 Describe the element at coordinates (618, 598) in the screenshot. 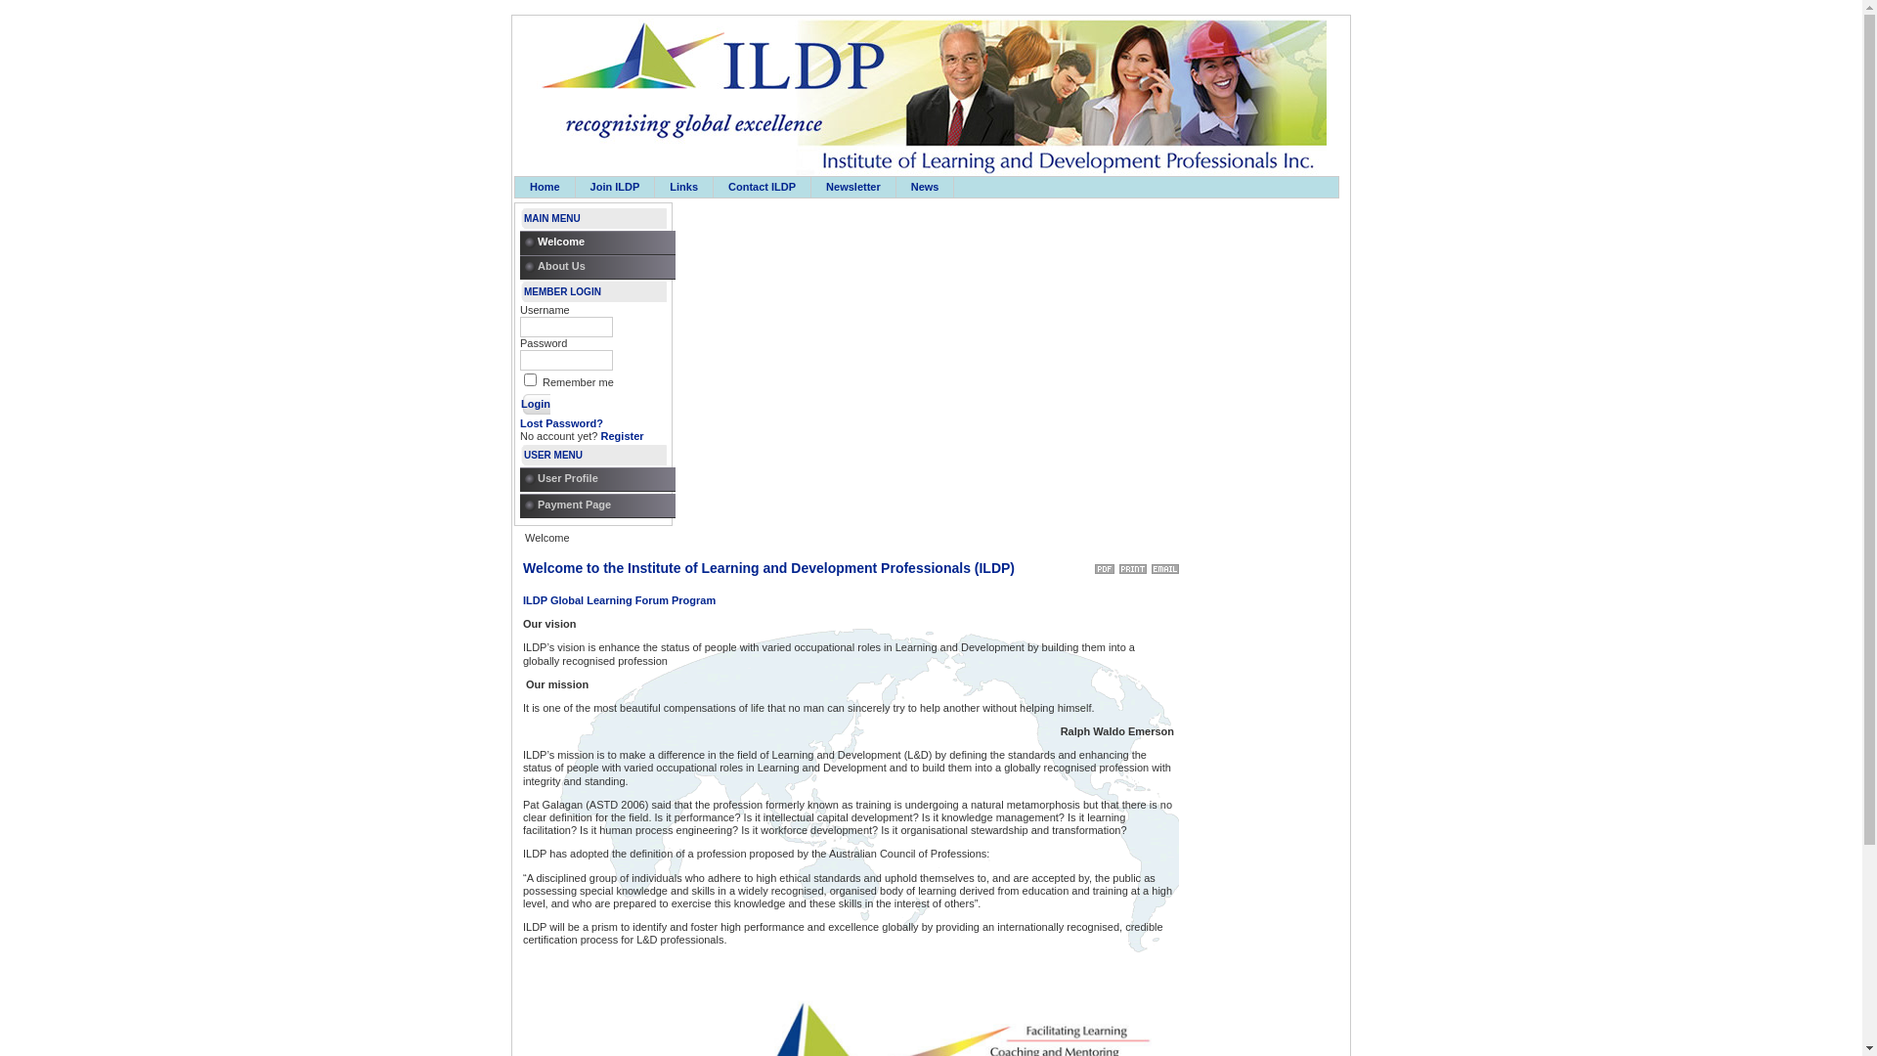

I see `'ILDP Global Learning Forum Program'` at that location.